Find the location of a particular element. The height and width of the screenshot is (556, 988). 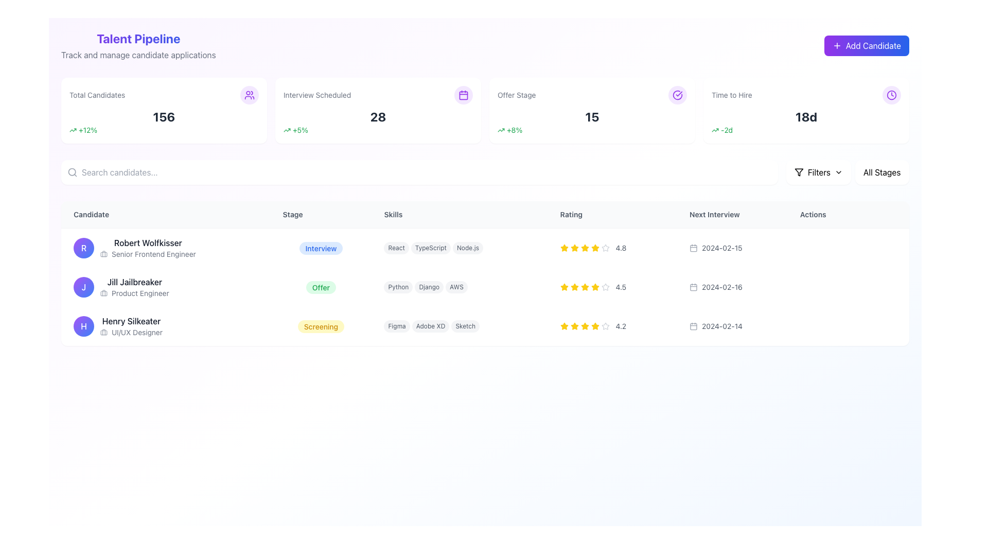

the list item with the name 'Jill Jailbreaker' is located at coordinates (166, 287).